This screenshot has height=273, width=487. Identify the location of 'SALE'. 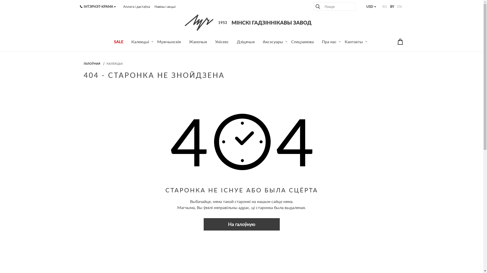
(118, 42).